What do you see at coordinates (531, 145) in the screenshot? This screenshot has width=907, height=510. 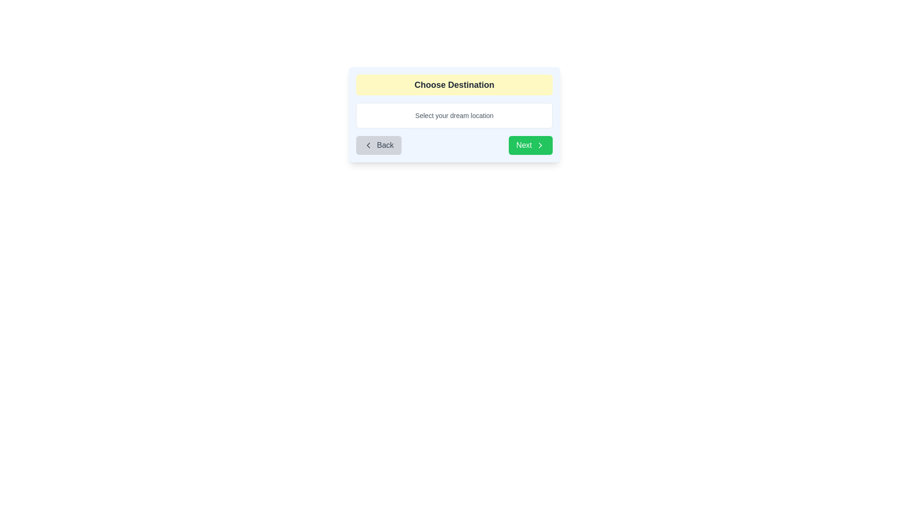 I see `the navigation button located in the bottom-right area of the 'Choose Destination' panel to observe its hover effects` at bounding box center [531, 145].